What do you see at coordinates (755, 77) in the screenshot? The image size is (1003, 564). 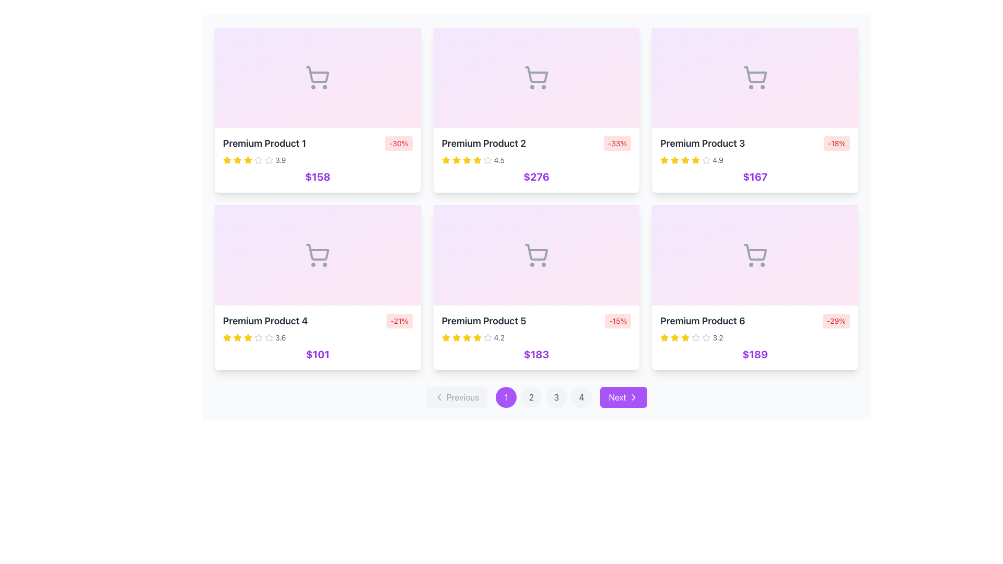 I see `the action button icon for adding 'Premium Product 3' to the shopping cart, located in the upper half of the product card` at bounding box center [755, 77].